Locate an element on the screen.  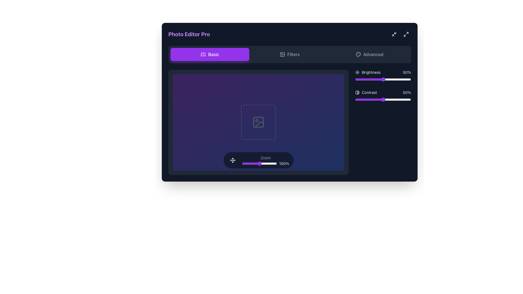
the static text label displaying 'Photo Editor Pro', which is a bold purple title located at the upper left corner of the application interface is located at coordinates (189, 34).